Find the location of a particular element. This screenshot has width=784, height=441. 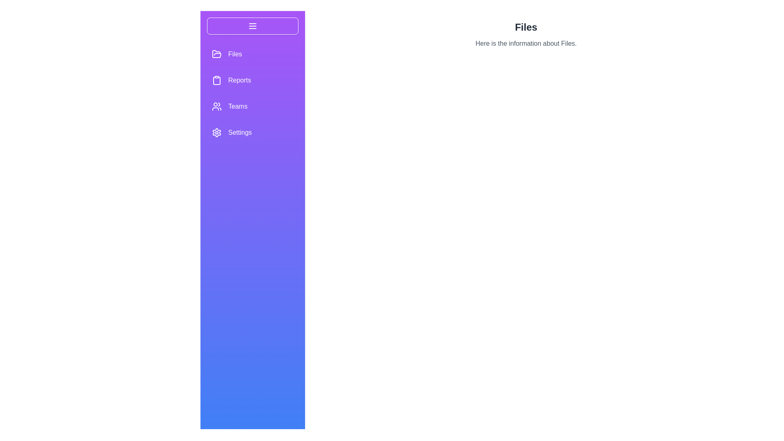

the menu option Files by clicking on its corresponding area is located at coordinates (252, 54).